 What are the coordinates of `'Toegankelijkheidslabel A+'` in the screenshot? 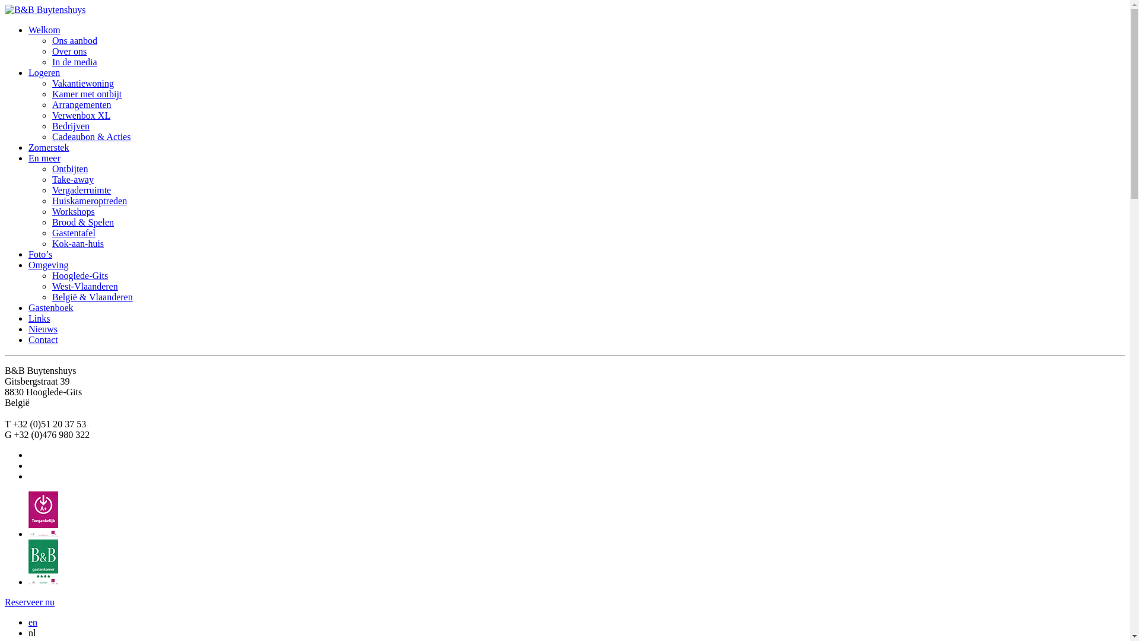 It's located at (43, 533).